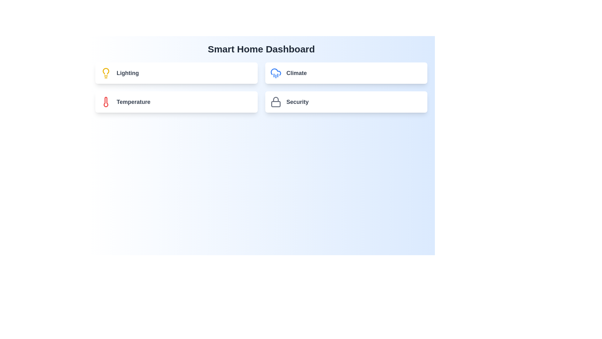 The image size is (602, 339). What do you see at coordinates (297, 101) in the screenshot?
I see `text label indicating the purpose of the associated card for security-related functionalities in the smart home dashboard, located in the lower-right section of the grid, next to the lock icon` at bounding box center [297, 101].